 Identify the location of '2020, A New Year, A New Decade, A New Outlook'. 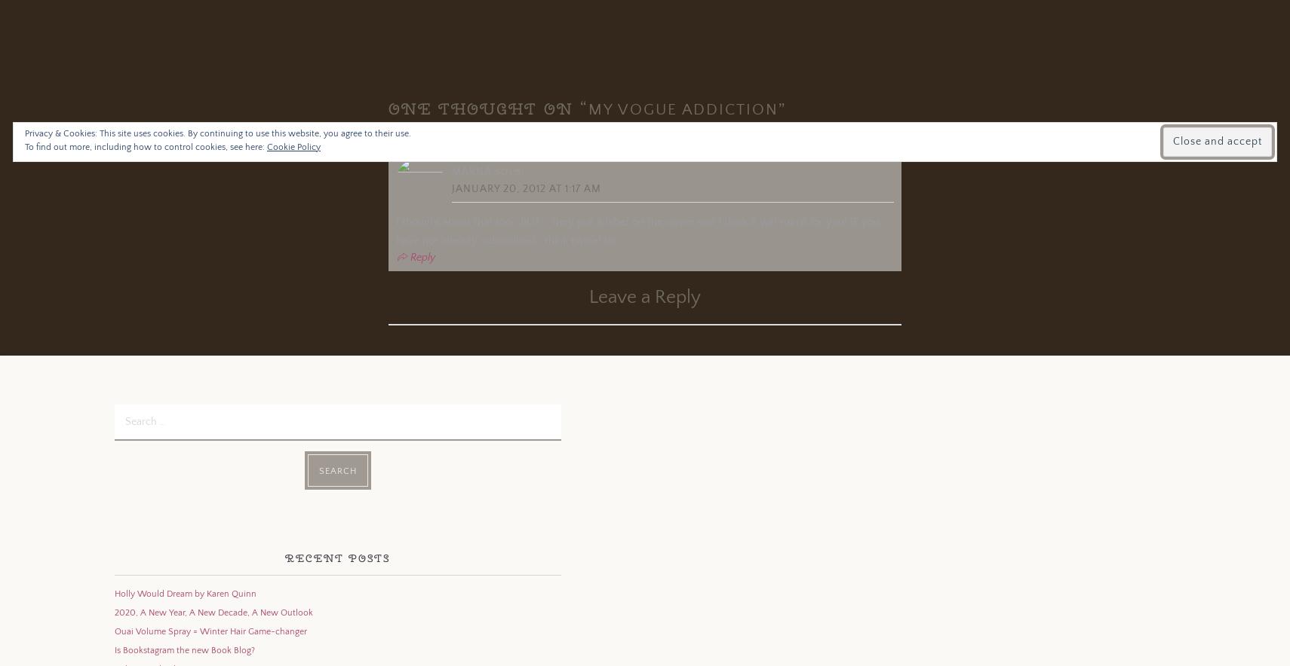
(212, 612).